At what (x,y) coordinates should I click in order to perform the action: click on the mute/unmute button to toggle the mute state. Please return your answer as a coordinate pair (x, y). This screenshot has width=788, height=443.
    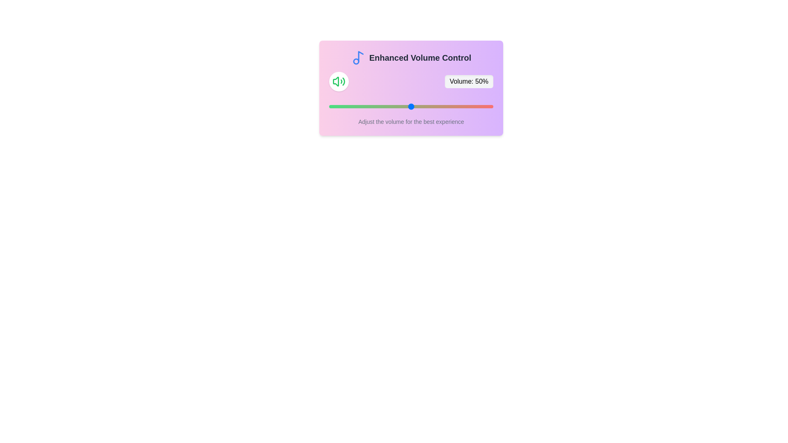
    Looking at the image, I should click on (339, 82).